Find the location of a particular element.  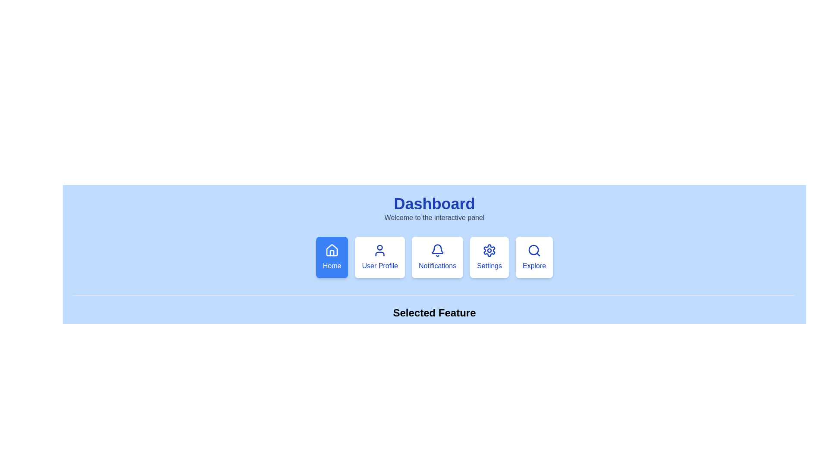

the text element displaying 'Welcome to the interactive panel.' which is located below the 'Dashboard' title in the central upper section of the interface is located at coordinates (434, 217).